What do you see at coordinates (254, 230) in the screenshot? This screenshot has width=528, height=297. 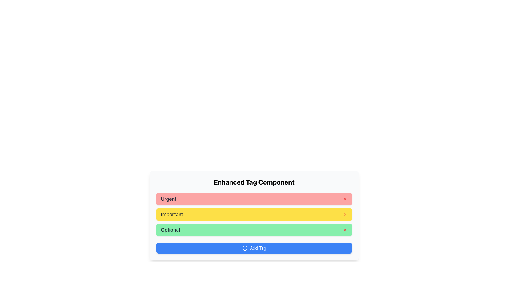 I see `the third tag element in the 'Enhanced Tag Component'` at bounding box center [254, 230].